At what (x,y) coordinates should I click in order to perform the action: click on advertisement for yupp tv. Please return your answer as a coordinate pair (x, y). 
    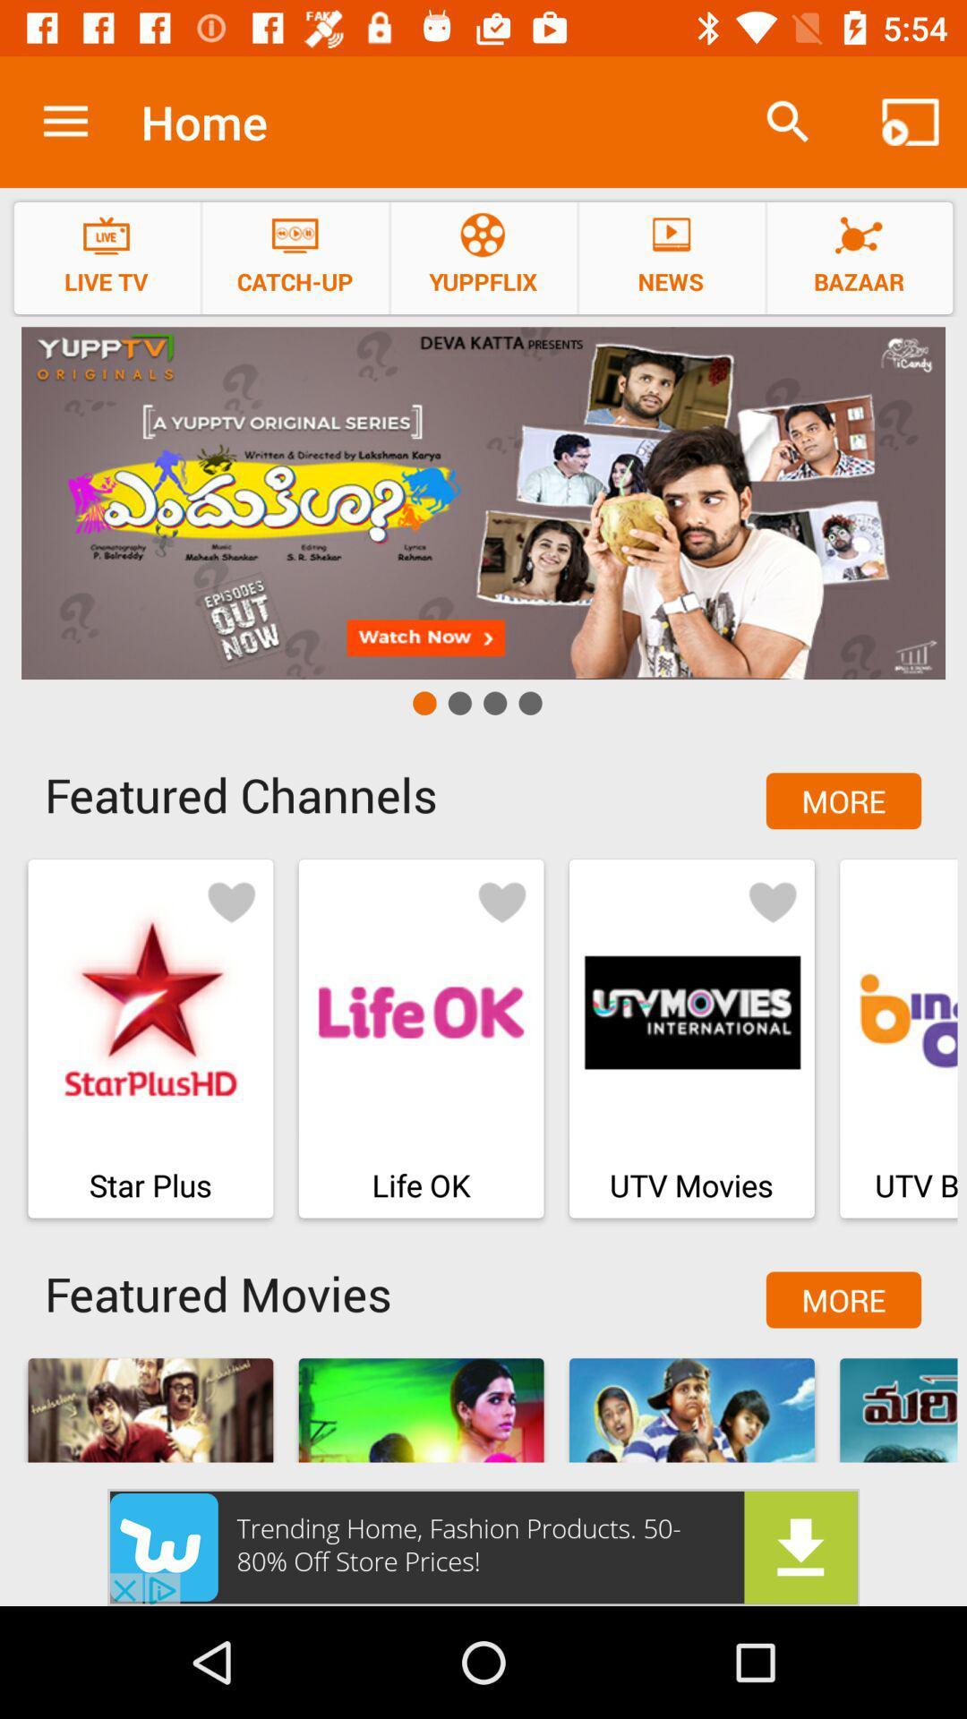
    Looking at the image, I should click on (483, 502).